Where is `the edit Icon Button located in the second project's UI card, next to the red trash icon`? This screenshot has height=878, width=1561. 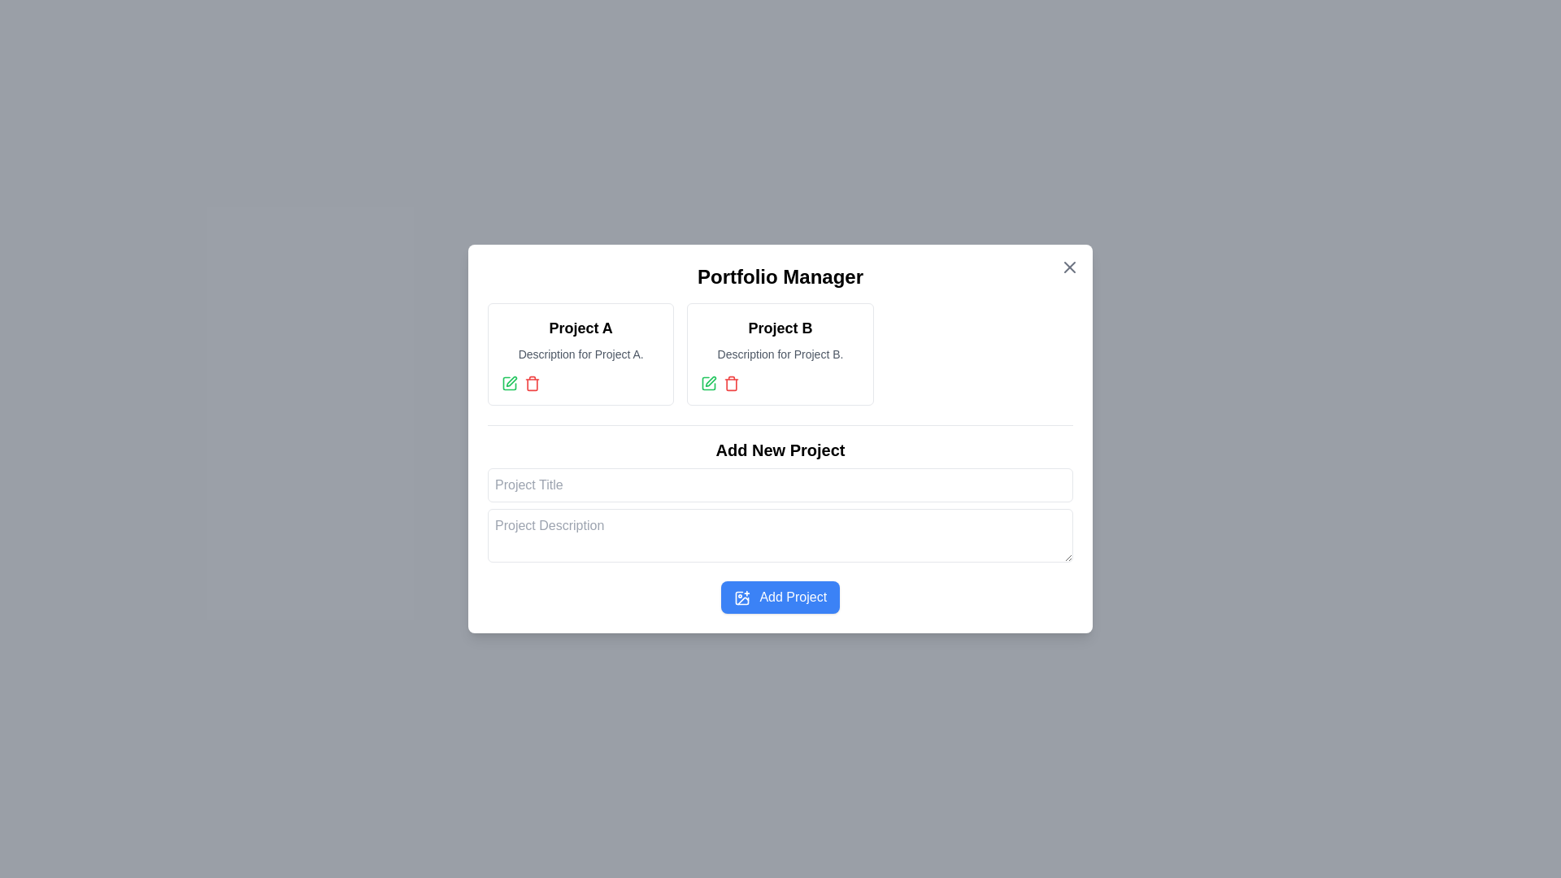 the edit Icon Button located in the second project's UI card, next to the red trash icon is located at coordinates (711, 381).